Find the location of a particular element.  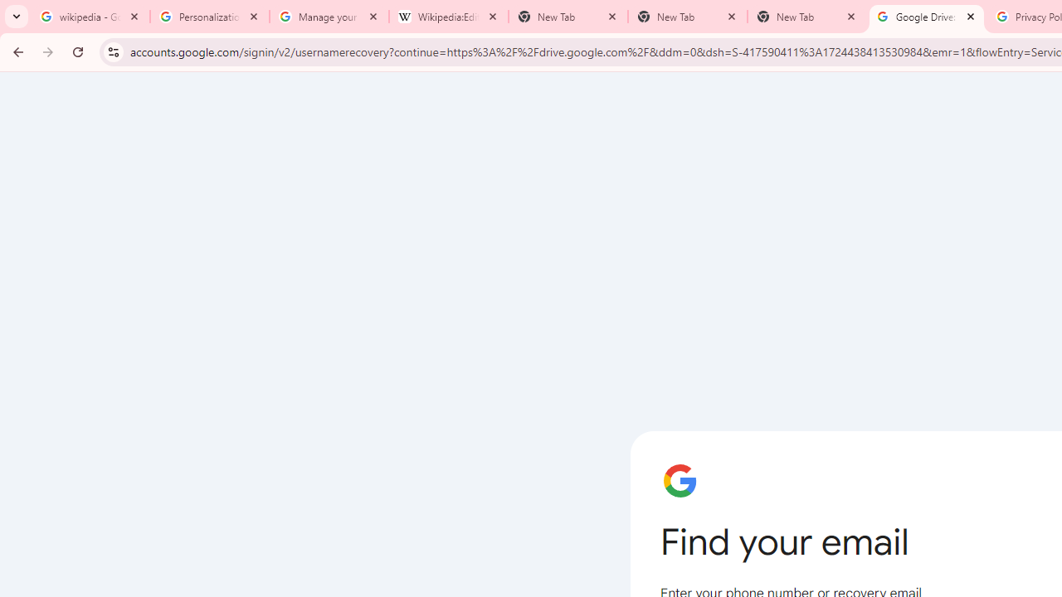

'Personalization & Google Search results - Google Search Help' is located at coordinates (208, 17).